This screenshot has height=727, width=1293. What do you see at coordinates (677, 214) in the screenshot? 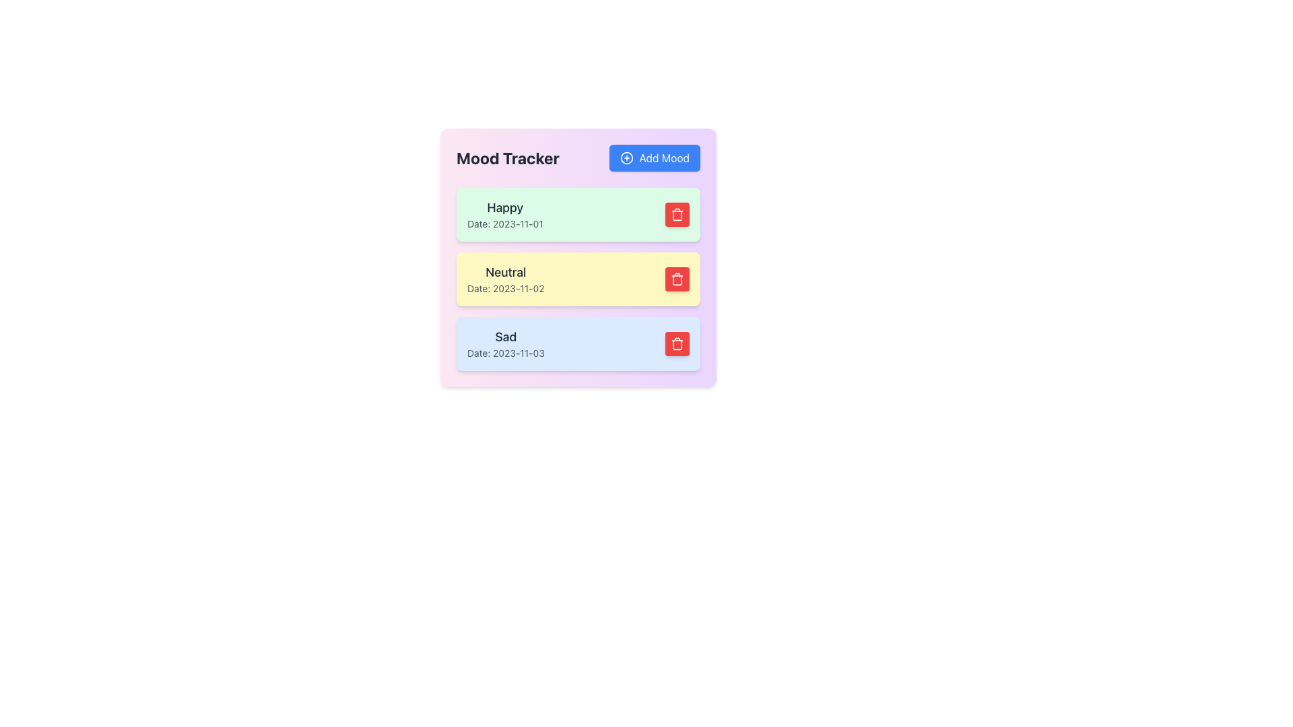
I see `the red square-shaped button with a white trash can icon` at bounding box center [677, 214].